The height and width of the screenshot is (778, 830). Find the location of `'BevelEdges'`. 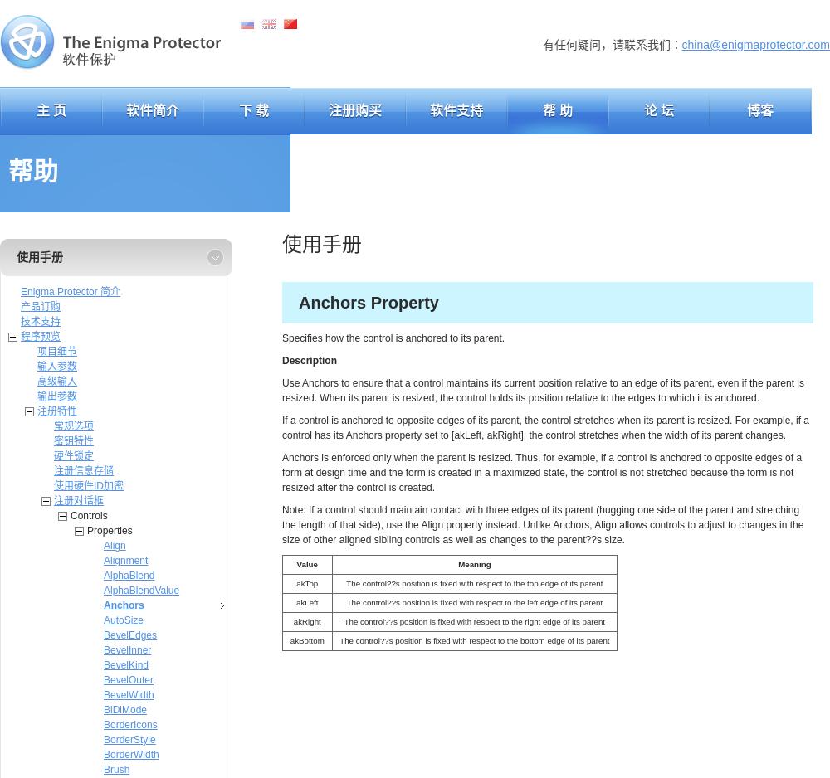

'BevelEdges' is located at coordinates (130, 635).